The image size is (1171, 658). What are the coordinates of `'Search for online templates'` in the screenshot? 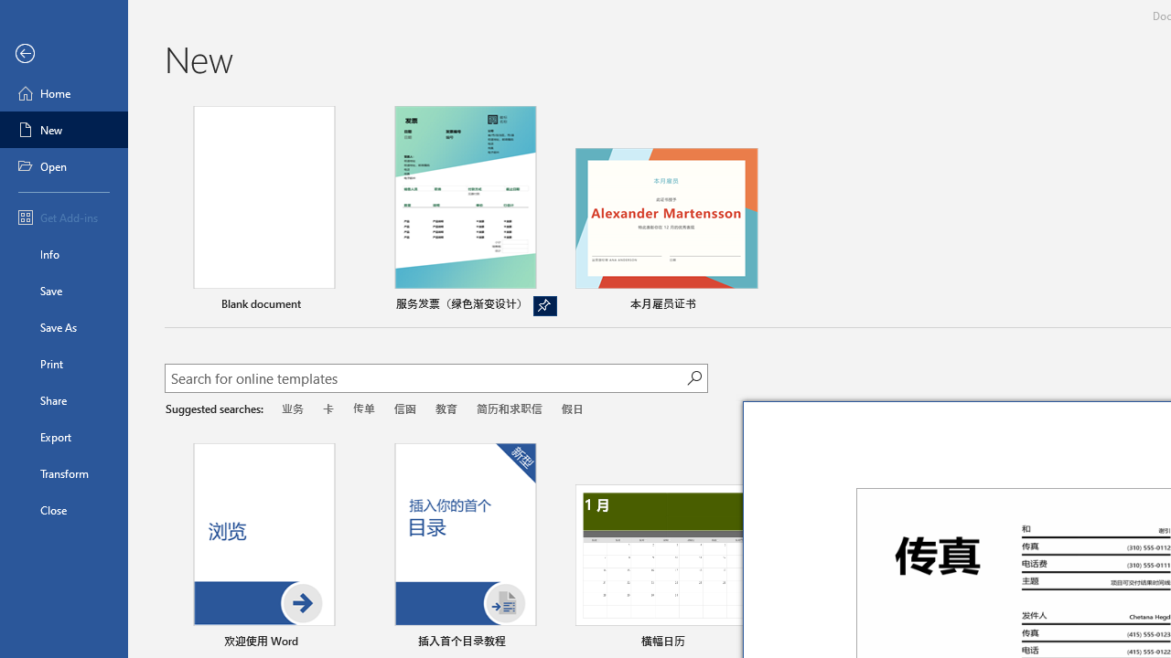 It's located at (424, 379).